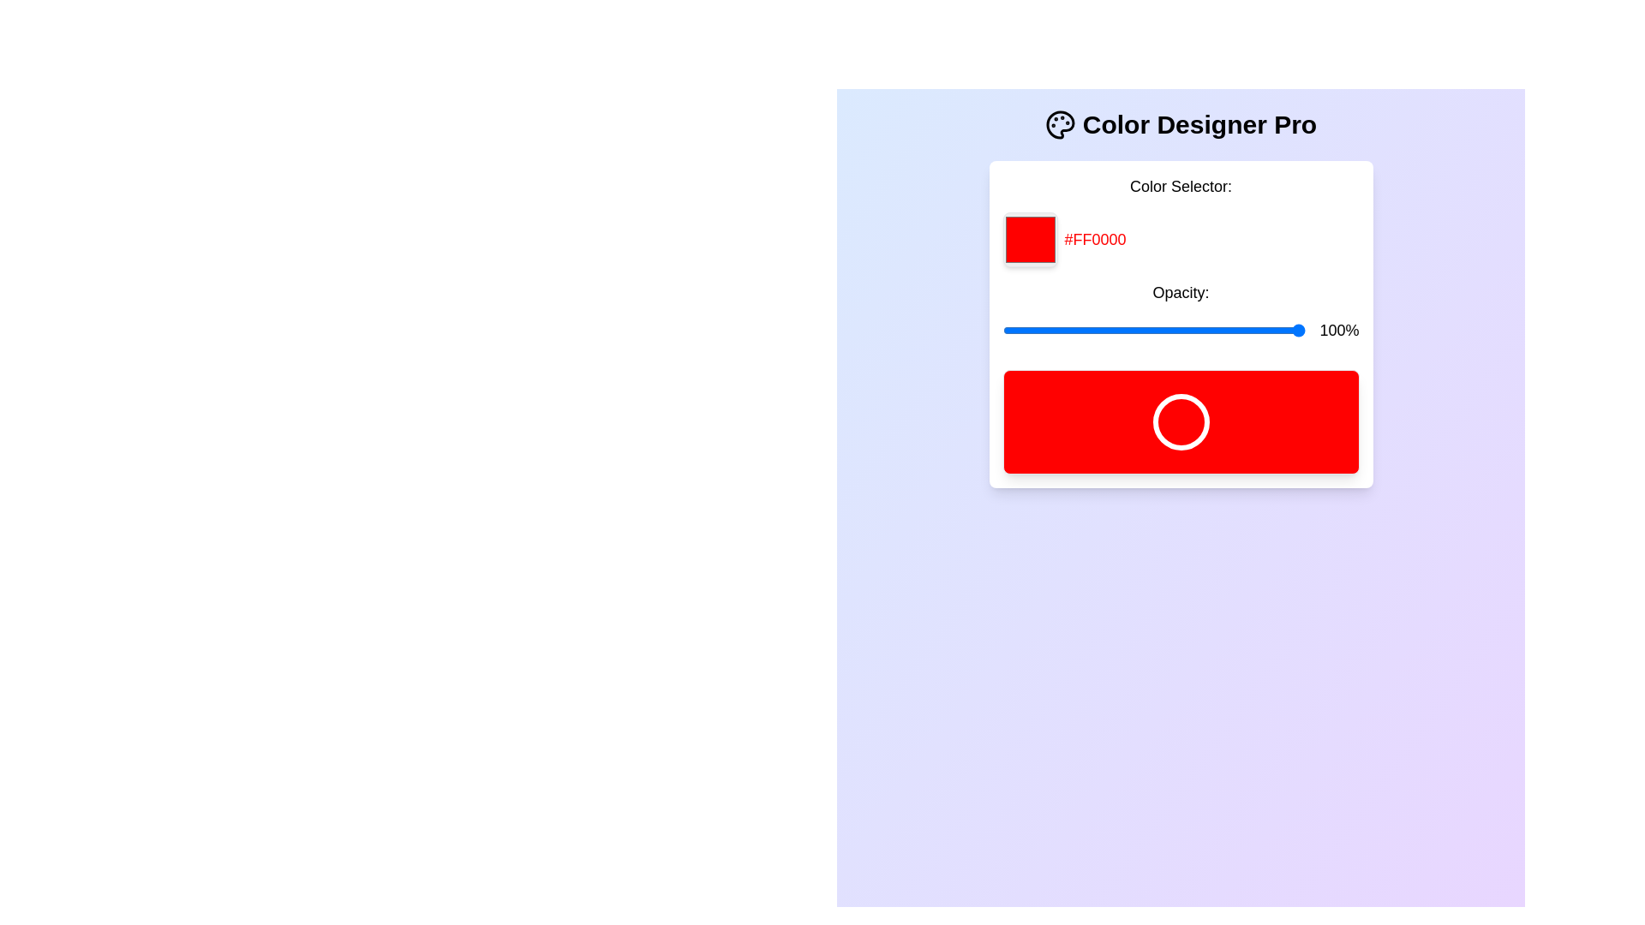 This screenshot has width=1645, height=925. Describe the element at coordinates (1245, 330) in the screenshot. I see `the opacity slider` at that location.